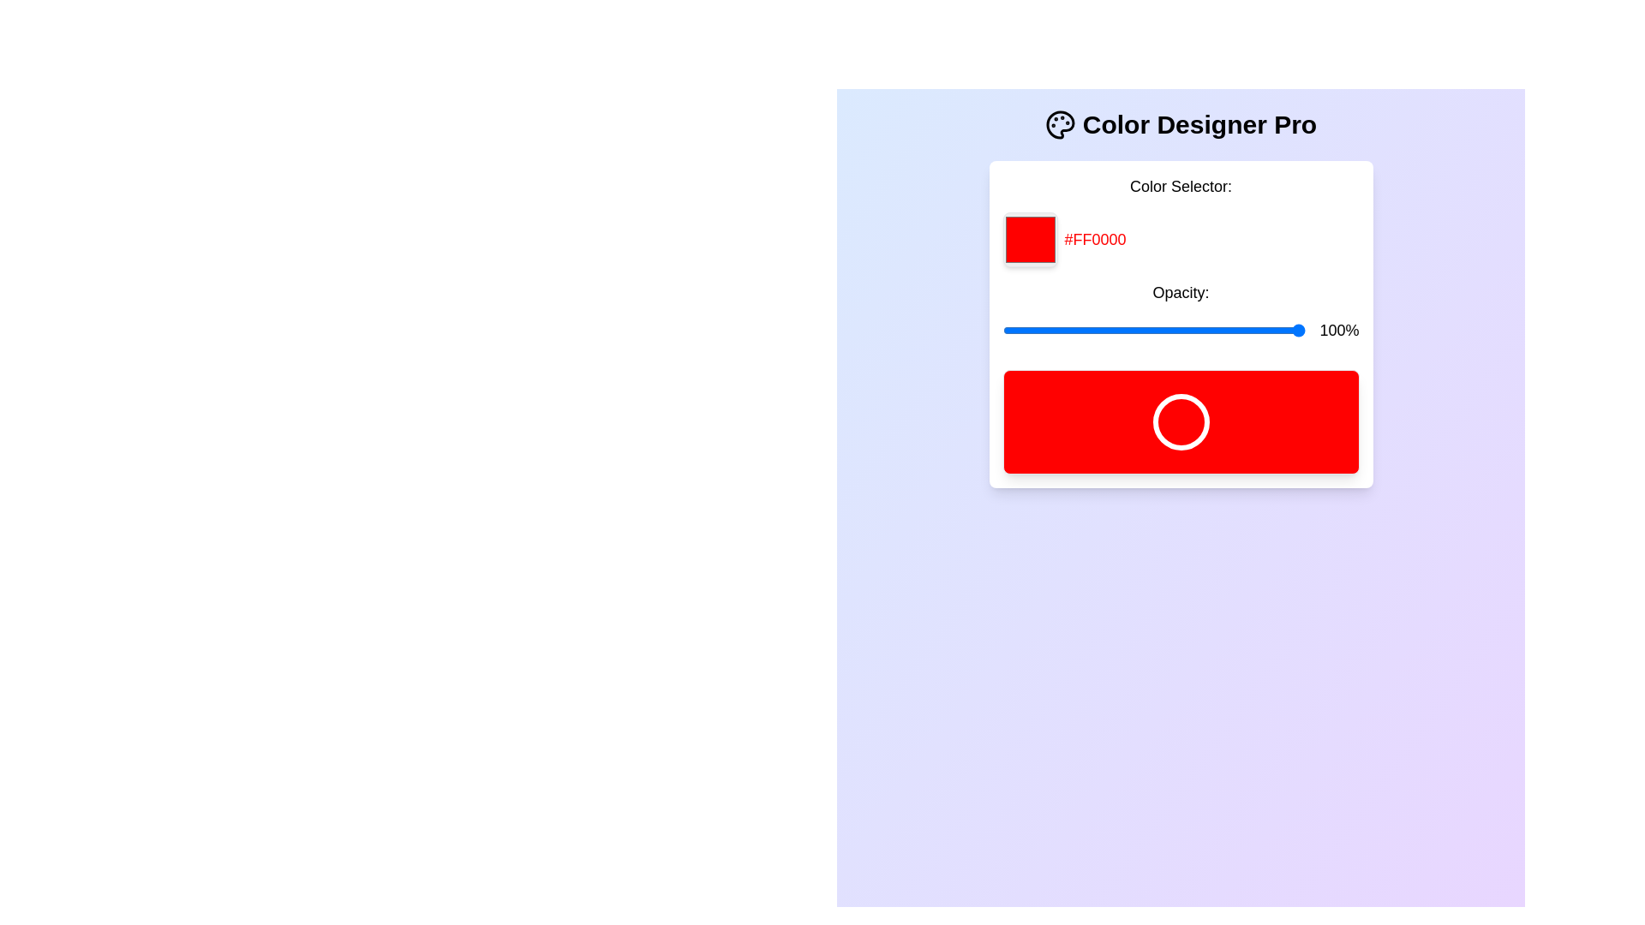 This screenshot has width=1645, height=925. Describe the element at coordinates (1245, 330) in the screenshot. I see `the opacity slider` at that location.